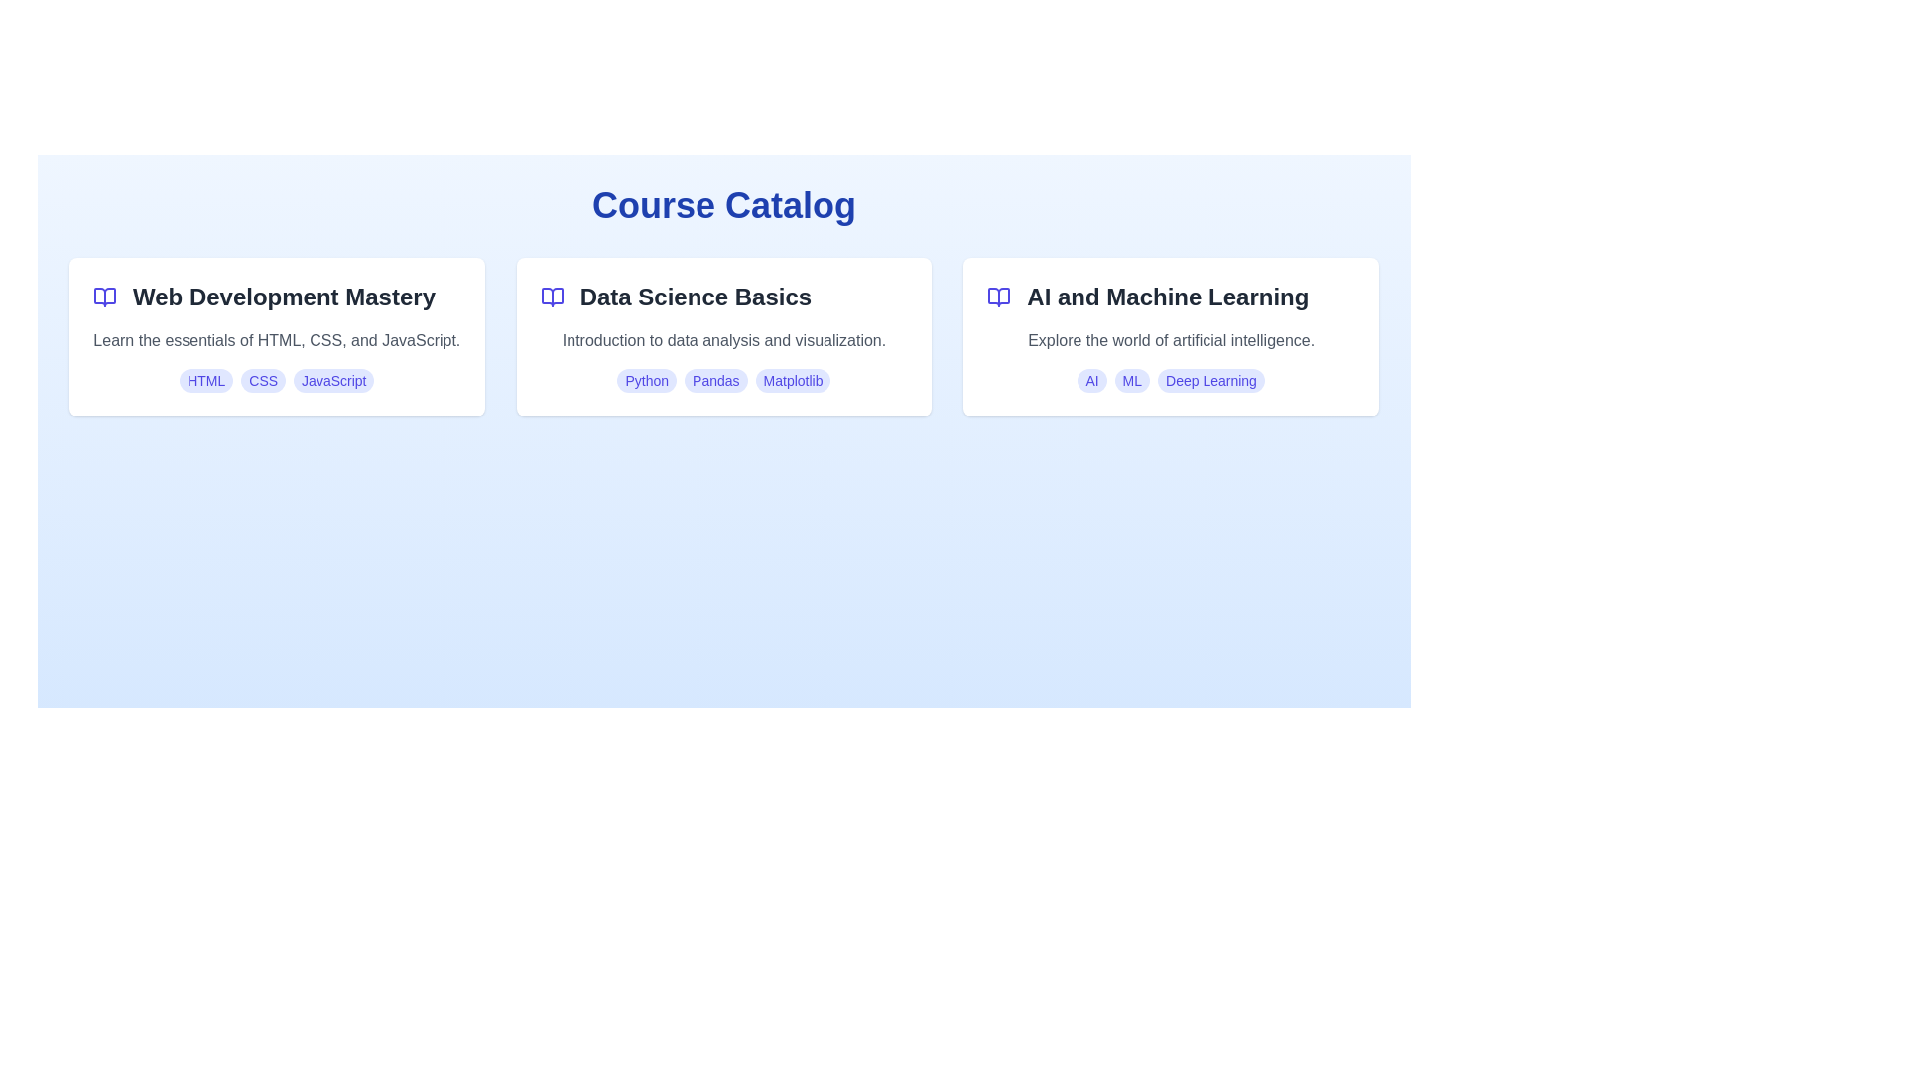 Image resolution: width=1905 pixels, height=1071 pixels. What do you see at coordinates (696, 297) in the screenshot?
I see `displayed text 'Data Science Basics' from the prominent text display styled in bold, large font with a gray-black color, located in the center column of the layout` at bounding box center [696, 297].